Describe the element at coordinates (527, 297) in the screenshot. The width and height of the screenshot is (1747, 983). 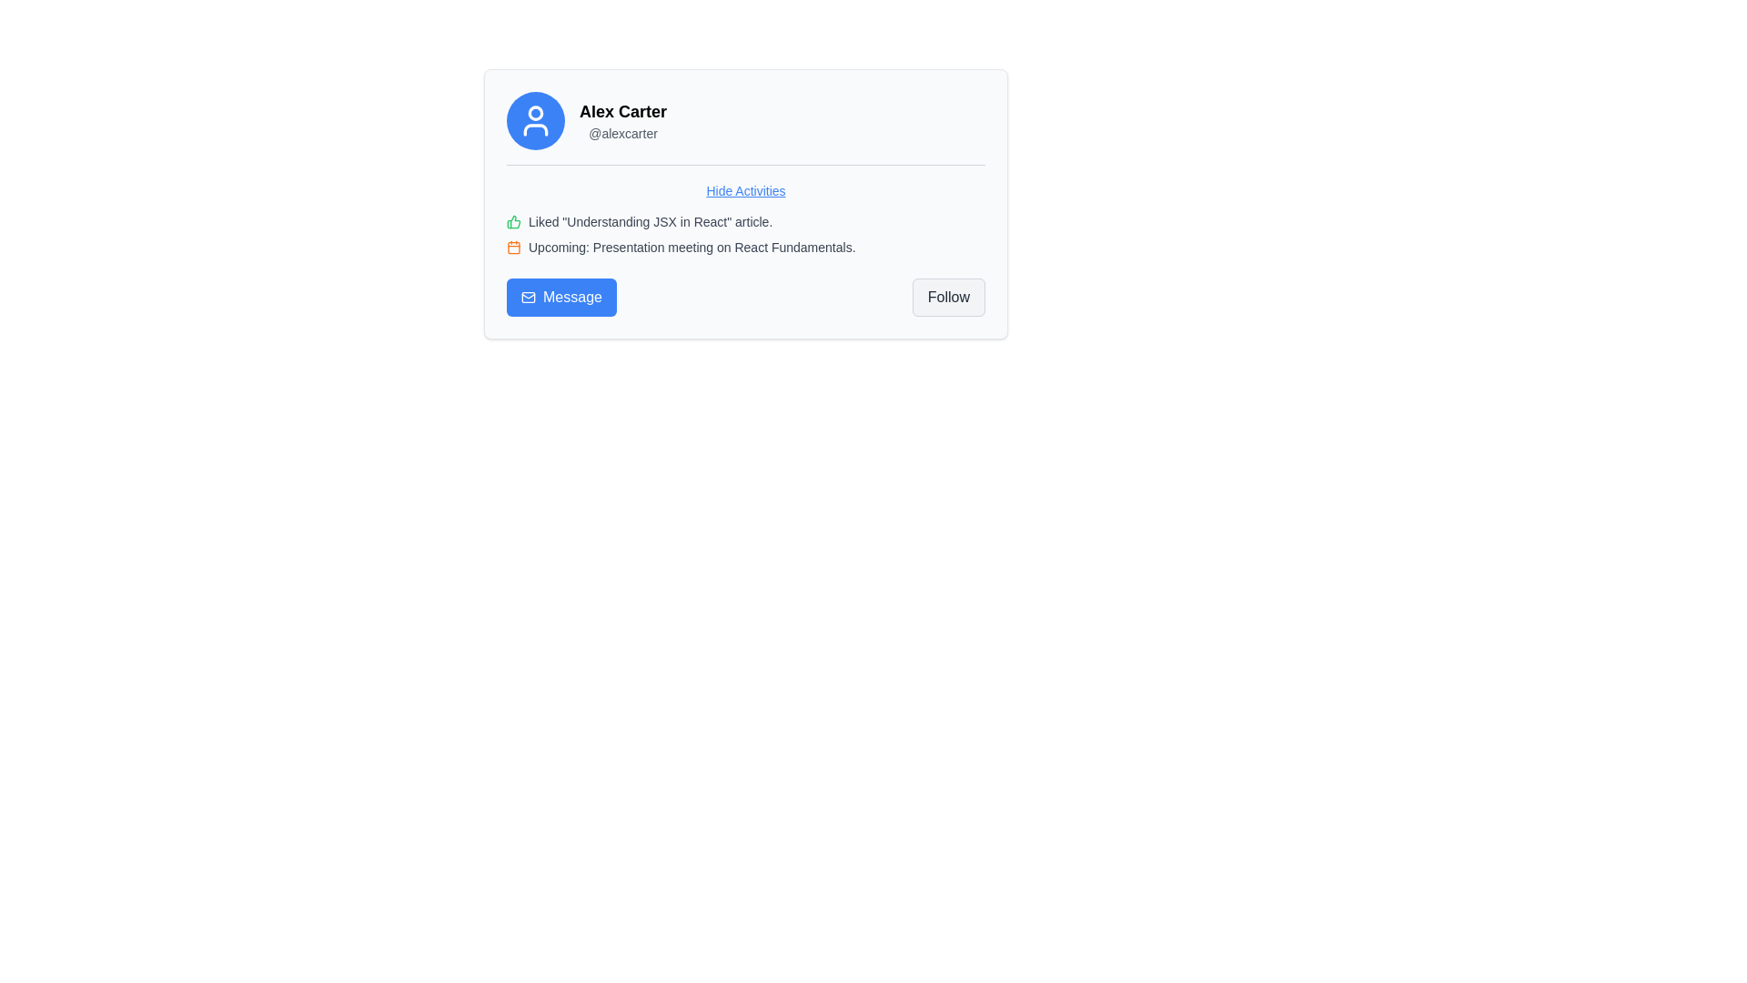
I see `the message icon located on the left edge of the blue 'Message' button, which is positioned below the text 'Upcoming: Presentation meeting on React Fundamentals.'` at that location.